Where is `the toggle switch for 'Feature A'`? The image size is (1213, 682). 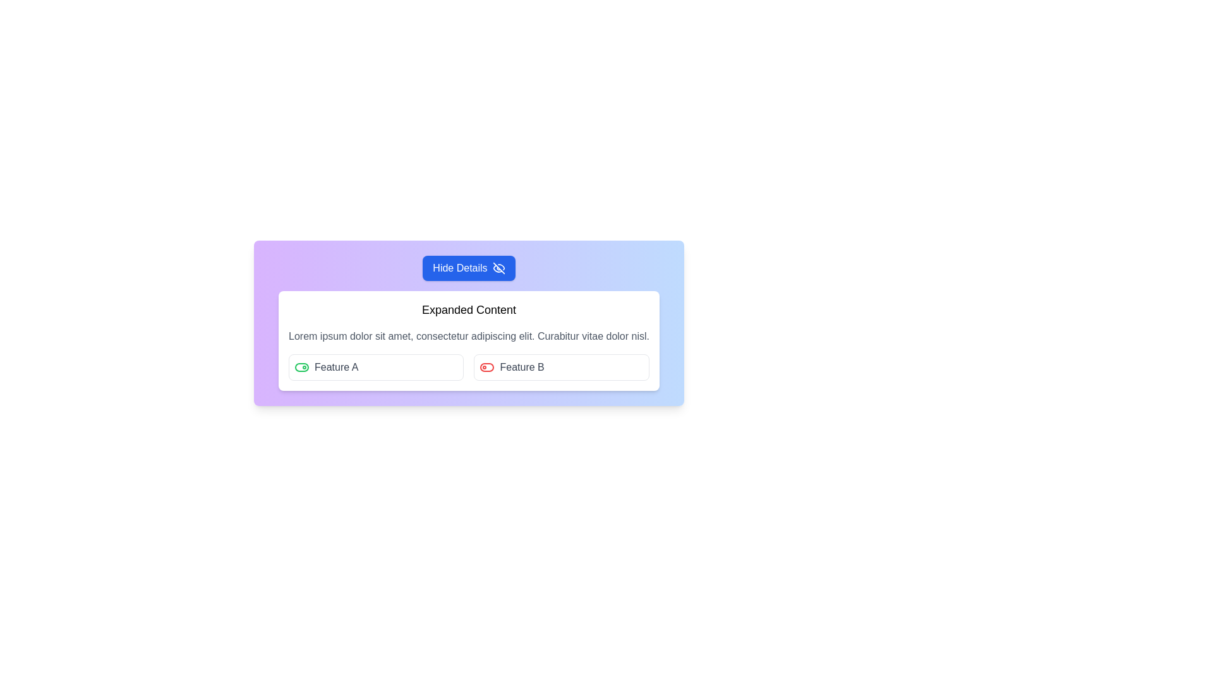 the toggle switch for 'Feature A' is located at coordinates (301, 368).